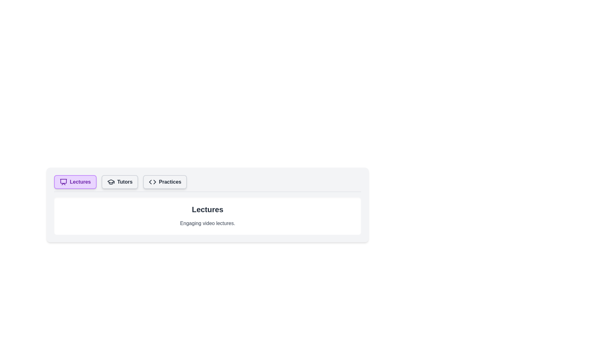 The width and height of the screenshot is (604, 339). What do you see at coordinates (120, 182) in the screenshot?
I see `the 'Tutors' button, which is the second tab among three` at bounding box center [120, 182].